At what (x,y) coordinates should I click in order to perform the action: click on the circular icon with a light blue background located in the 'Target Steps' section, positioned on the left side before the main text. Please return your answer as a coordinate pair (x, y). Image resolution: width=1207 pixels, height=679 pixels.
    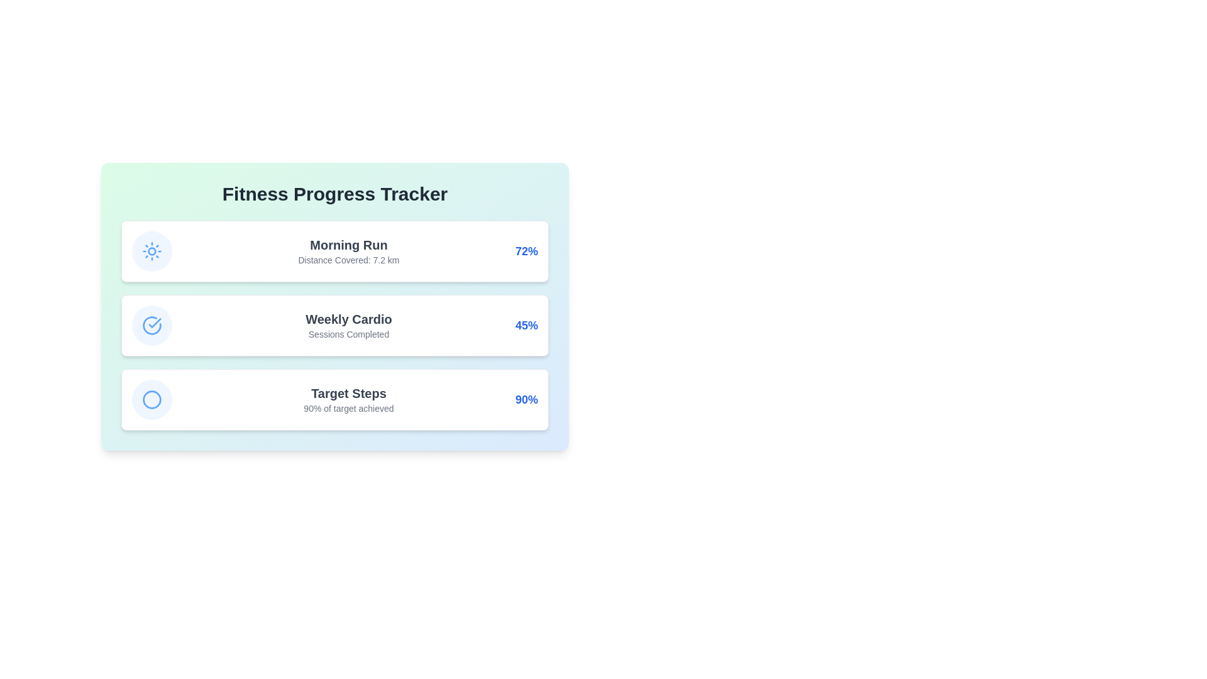
    Looking at the image, I should click on (151, 400).